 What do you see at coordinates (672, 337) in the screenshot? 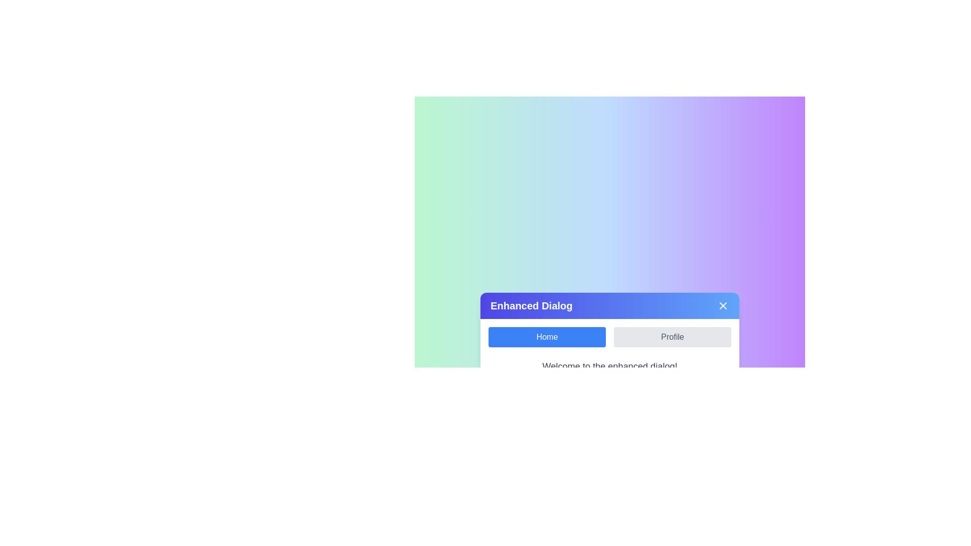
I see `the navigation button that takes users to the 'Profile' section, which is positioned to the right of the 'Home' button` at bounding box center [672, 337].